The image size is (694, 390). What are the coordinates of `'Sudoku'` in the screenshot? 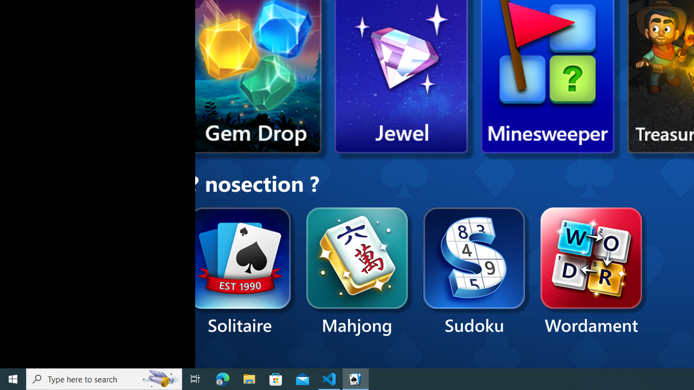 It's located at (474, 271).